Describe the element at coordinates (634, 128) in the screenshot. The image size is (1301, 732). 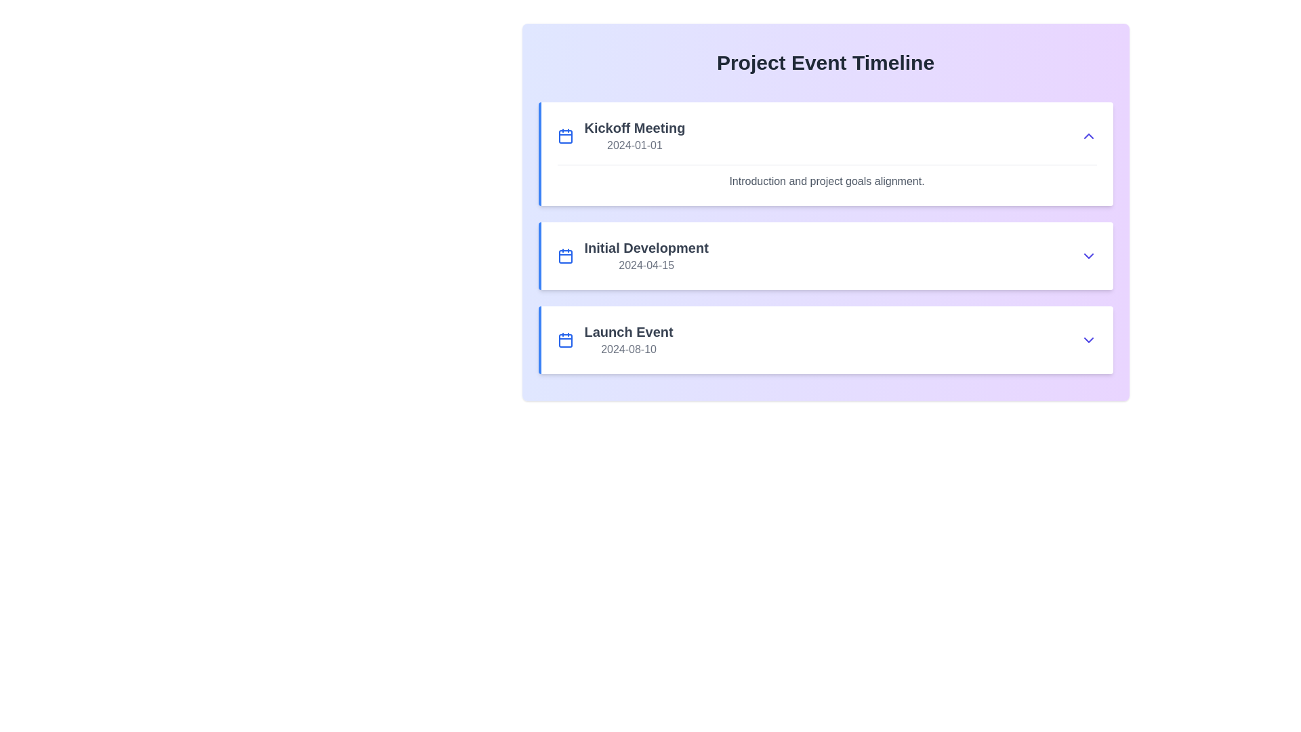
I see `the title text element indicating 'Kickoff Meeting' in the topmost card of the vertical list under 'Project Event Timeline'` at that location.